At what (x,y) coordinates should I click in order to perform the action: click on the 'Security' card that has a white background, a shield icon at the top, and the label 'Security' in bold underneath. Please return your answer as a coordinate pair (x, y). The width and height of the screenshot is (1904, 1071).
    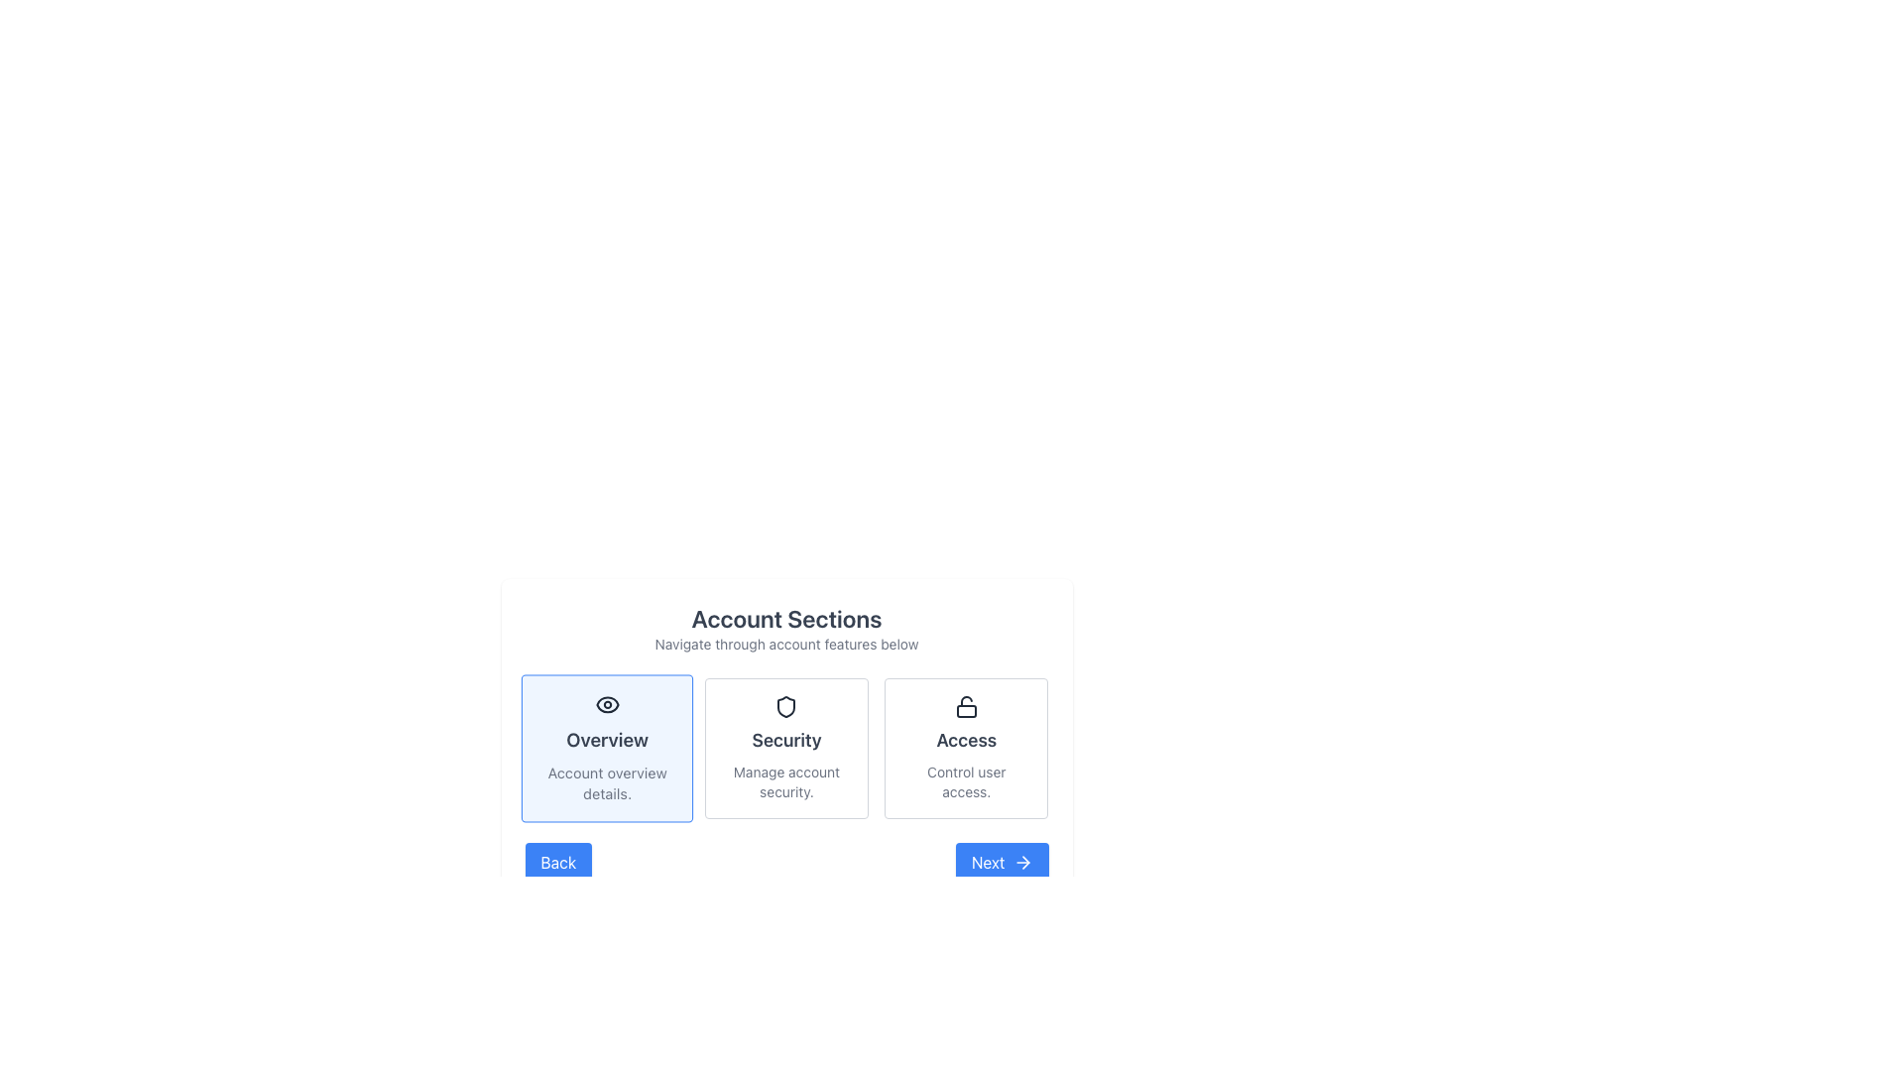
    Looking at the image, I should click on (785, 749).